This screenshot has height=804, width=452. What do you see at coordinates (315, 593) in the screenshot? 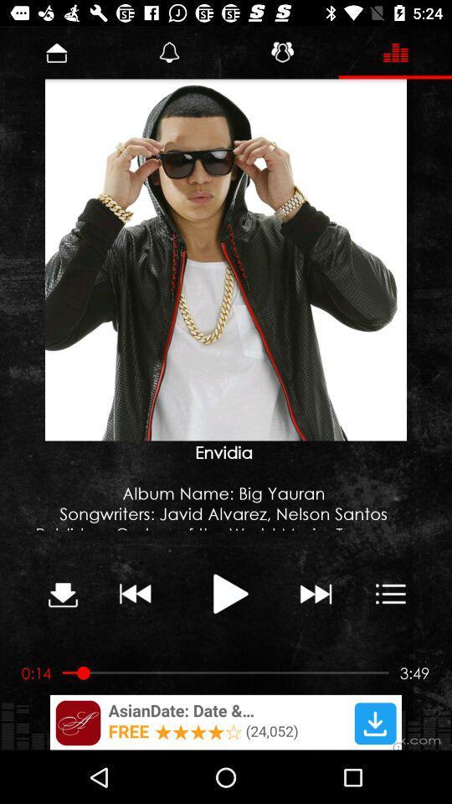
I see `the skip_next icon` at bounding box center [315, 593].